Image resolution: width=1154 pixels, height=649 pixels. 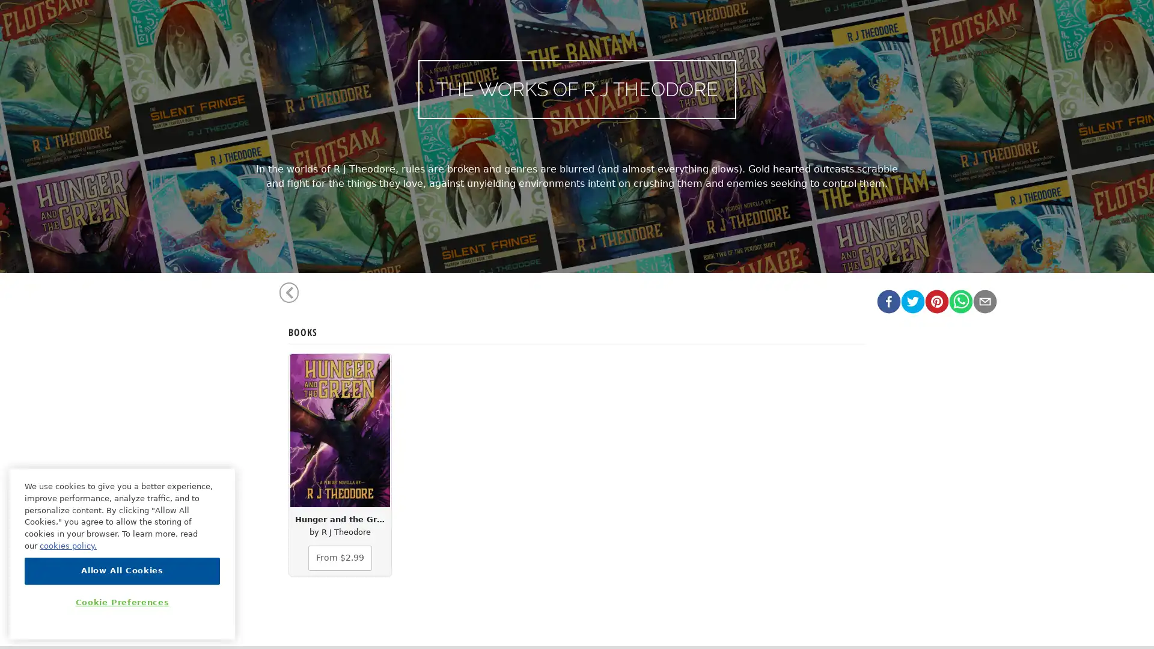 I want to click on twitter, so click(x=912, y=300).